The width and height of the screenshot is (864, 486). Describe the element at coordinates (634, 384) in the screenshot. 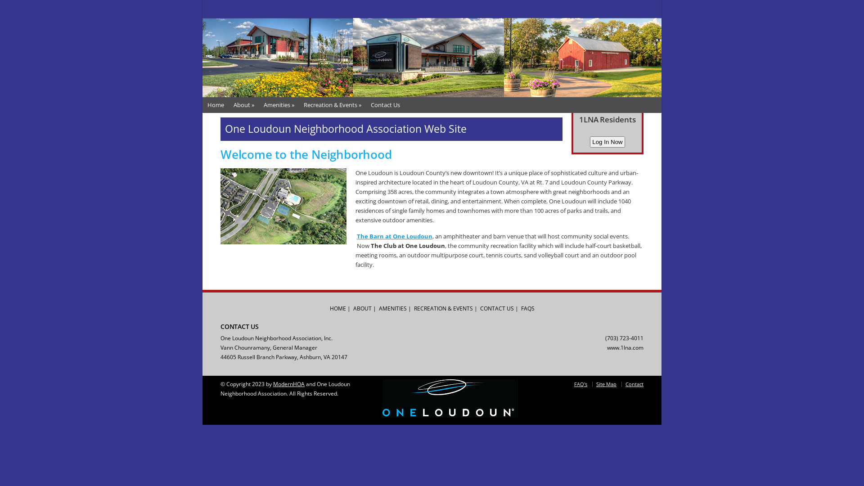

I see `'Contact'` at that location.